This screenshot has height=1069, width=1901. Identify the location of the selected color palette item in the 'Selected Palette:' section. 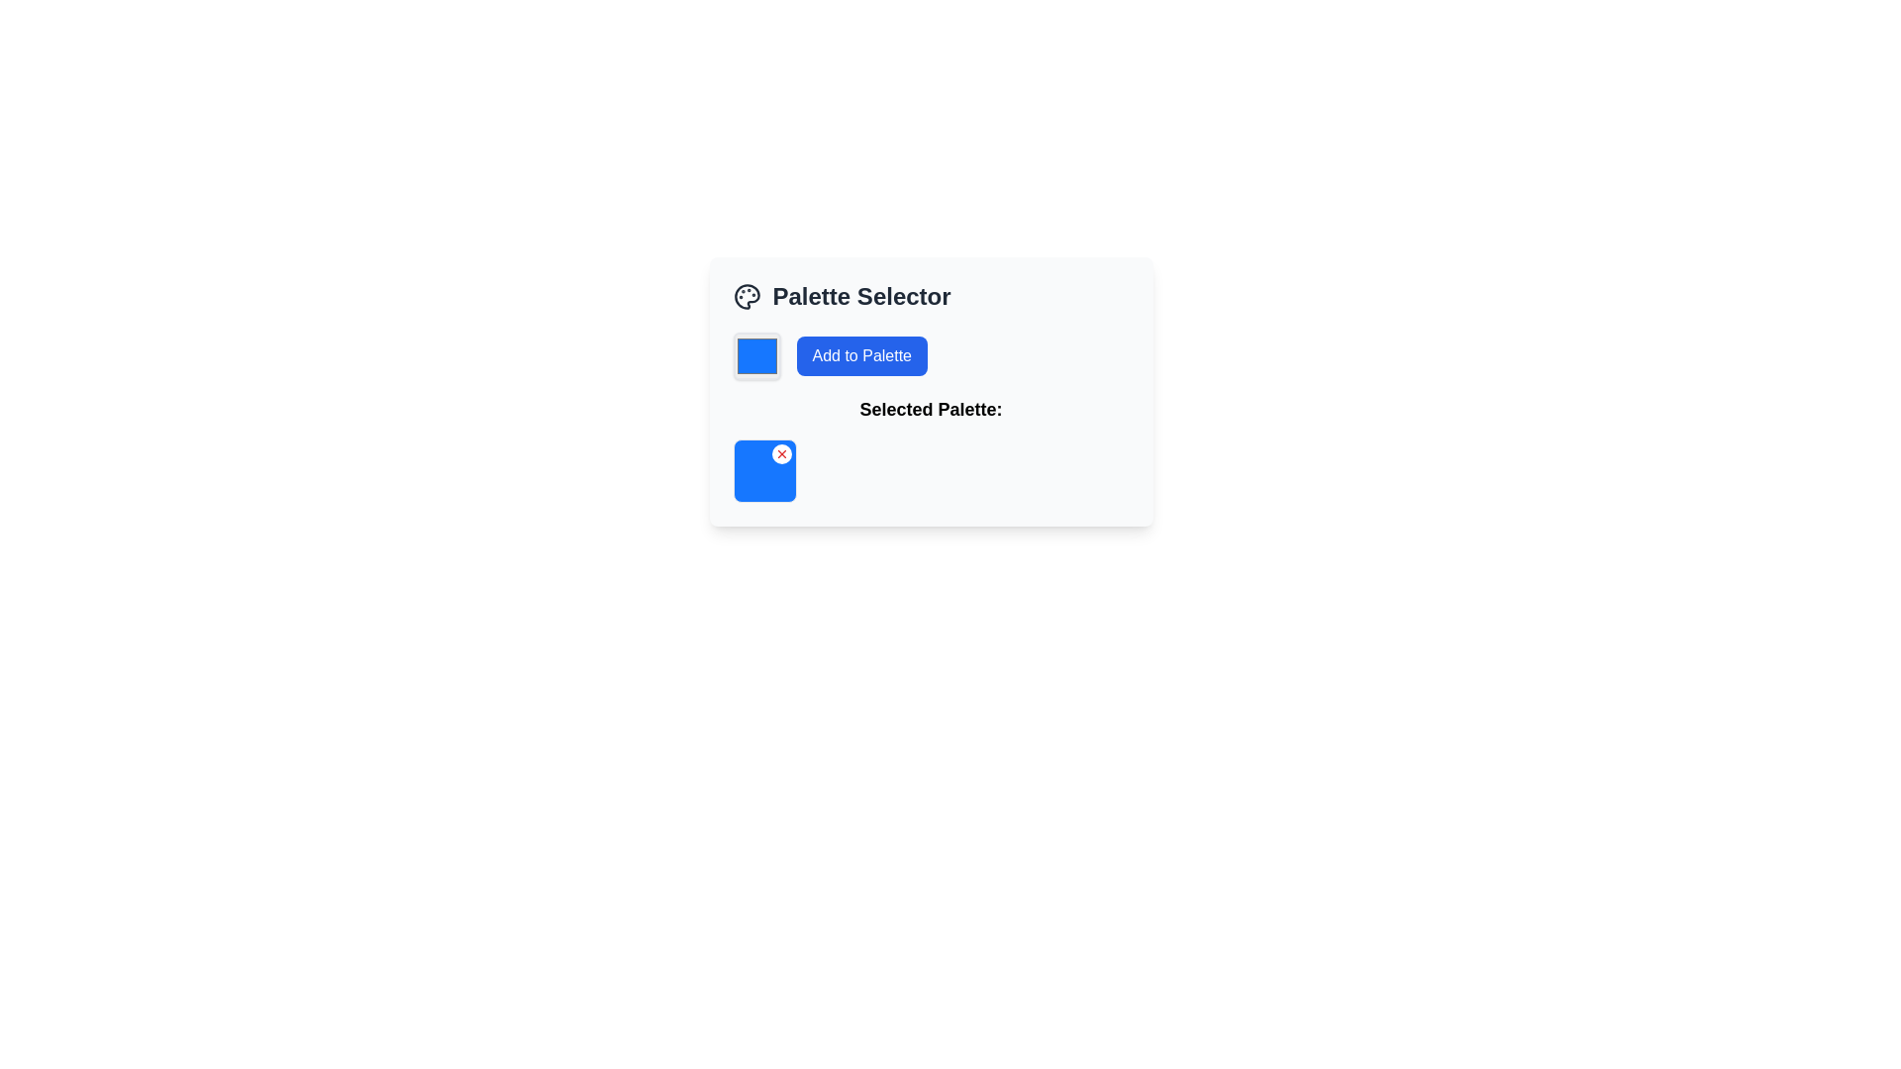
(763, 470).